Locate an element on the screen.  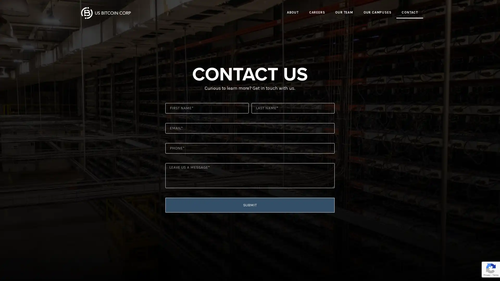
SUBMIT is located at coordinates (250, 205).